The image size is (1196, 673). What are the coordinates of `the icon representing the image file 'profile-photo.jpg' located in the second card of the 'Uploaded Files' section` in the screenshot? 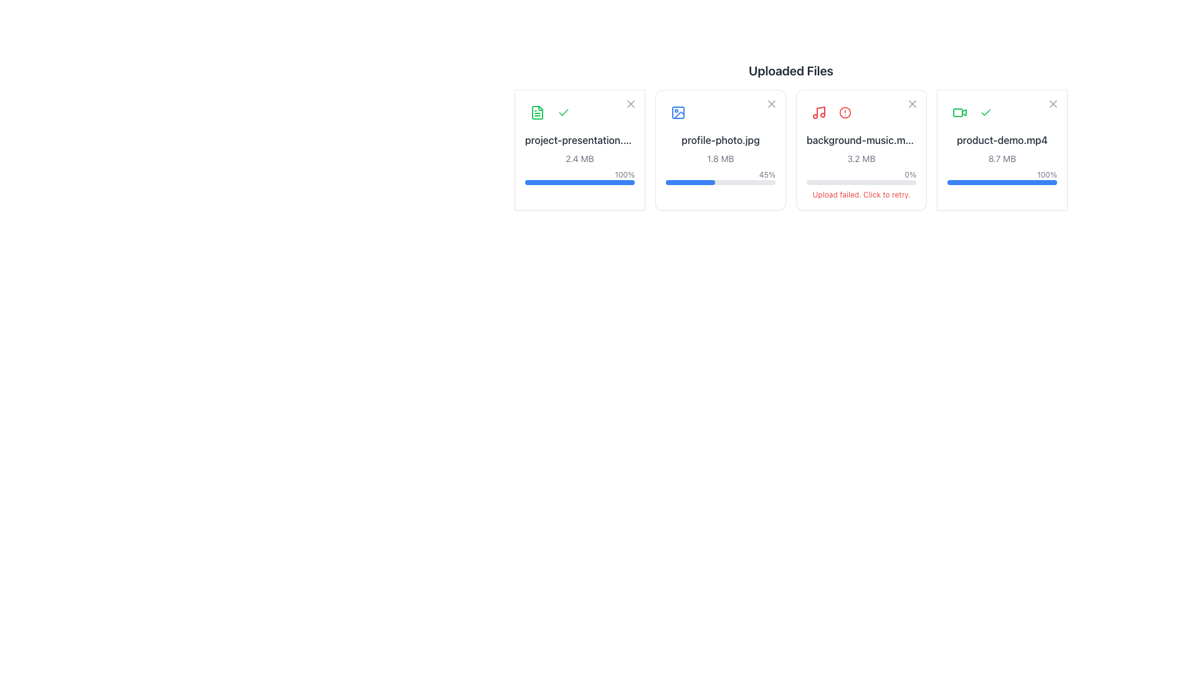 It's located at (678, 113).